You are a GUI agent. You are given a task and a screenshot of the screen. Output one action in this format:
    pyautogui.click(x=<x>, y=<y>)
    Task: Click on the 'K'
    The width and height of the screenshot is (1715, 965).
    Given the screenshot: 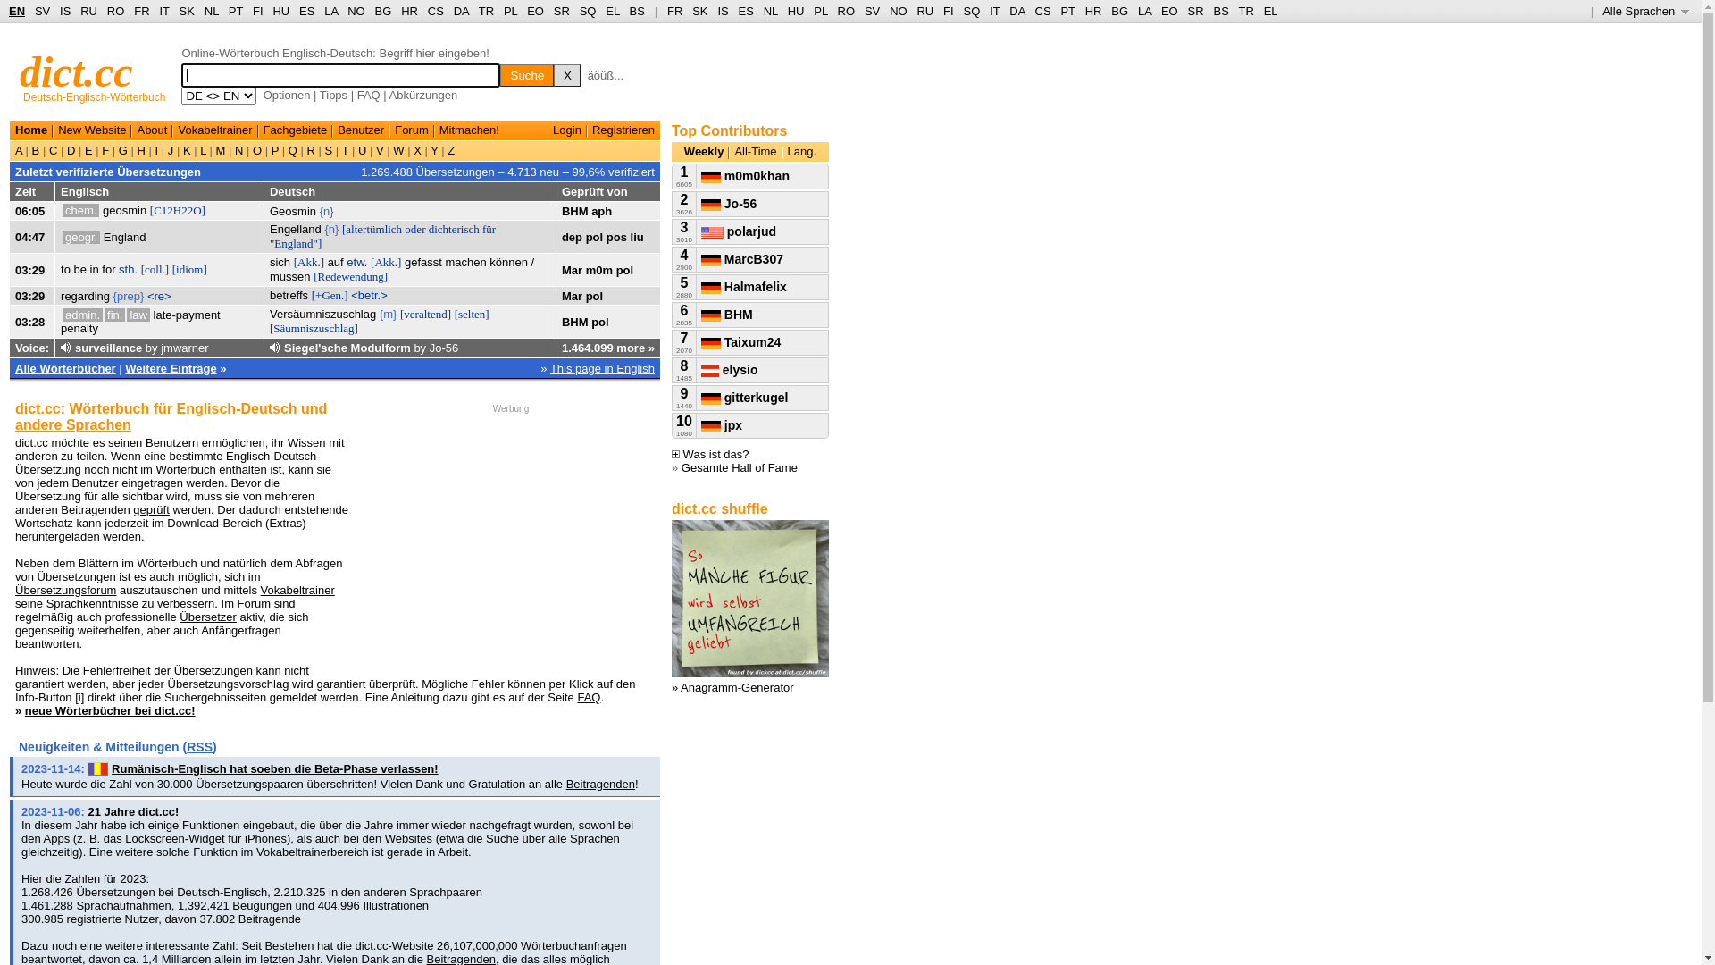 What is the action you would take?
    pyautogui.click(x=180, y=149)
    